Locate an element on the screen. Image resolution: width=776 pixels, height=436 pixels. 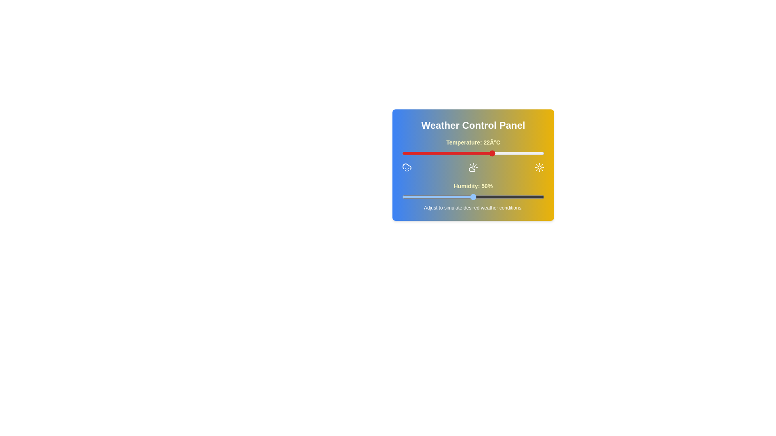
the circular handle of the red-accented temperature slider located in the 'Weather Control Panel' is located at coordinates (473, 153).